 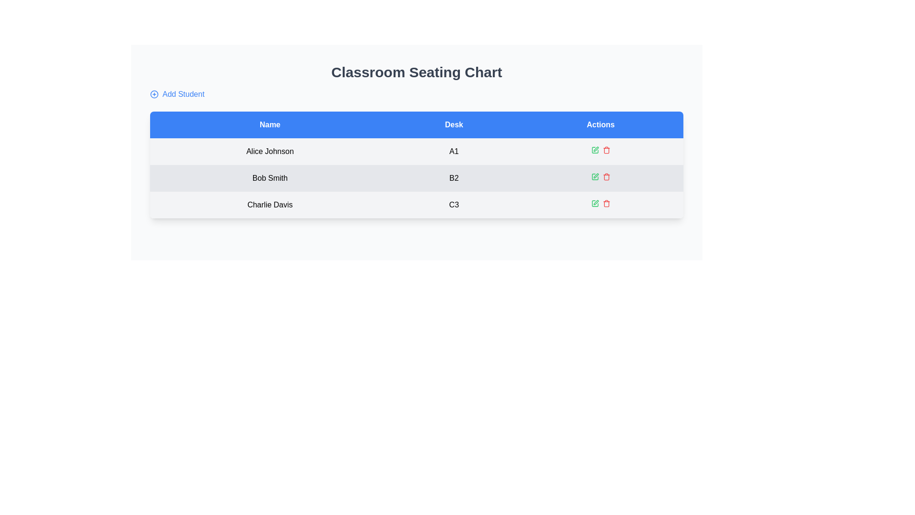 I want to click on the edit button with a green pen icon in the 'Actions' column for Bob Smith, so click(x=594, y=176).